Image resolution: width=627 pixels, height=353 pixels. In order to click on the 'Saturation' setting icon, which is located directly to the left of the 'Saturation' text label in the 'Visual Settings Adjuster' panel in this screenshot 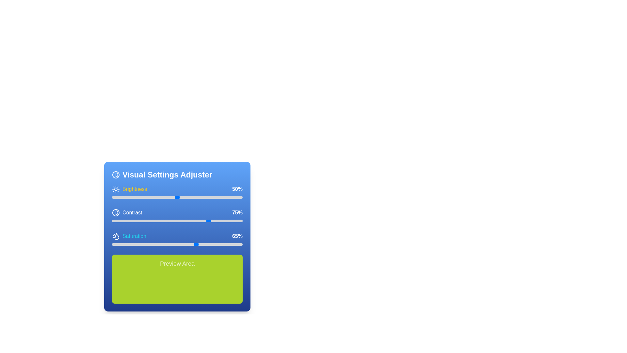, I will do `click(116, 236)`.